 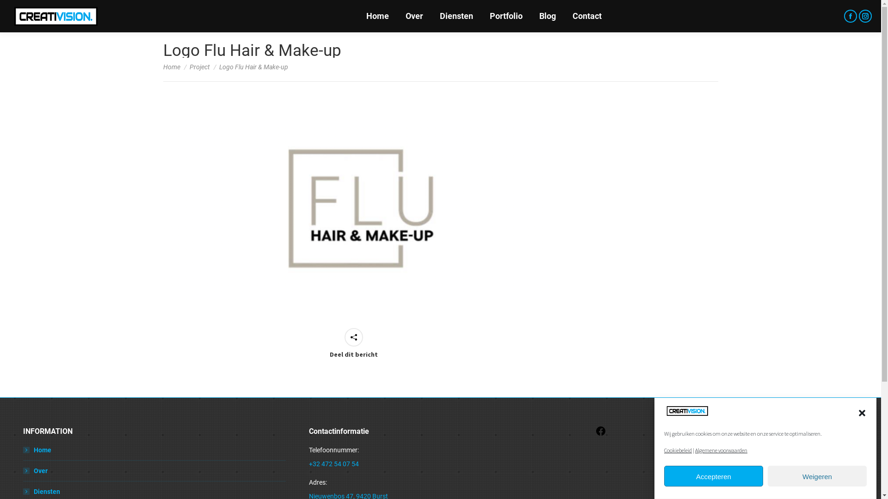 What do you see at coordinates (41, 491) in the screenshot?
I see `'Diensten'` at bounding box center [41, 491].